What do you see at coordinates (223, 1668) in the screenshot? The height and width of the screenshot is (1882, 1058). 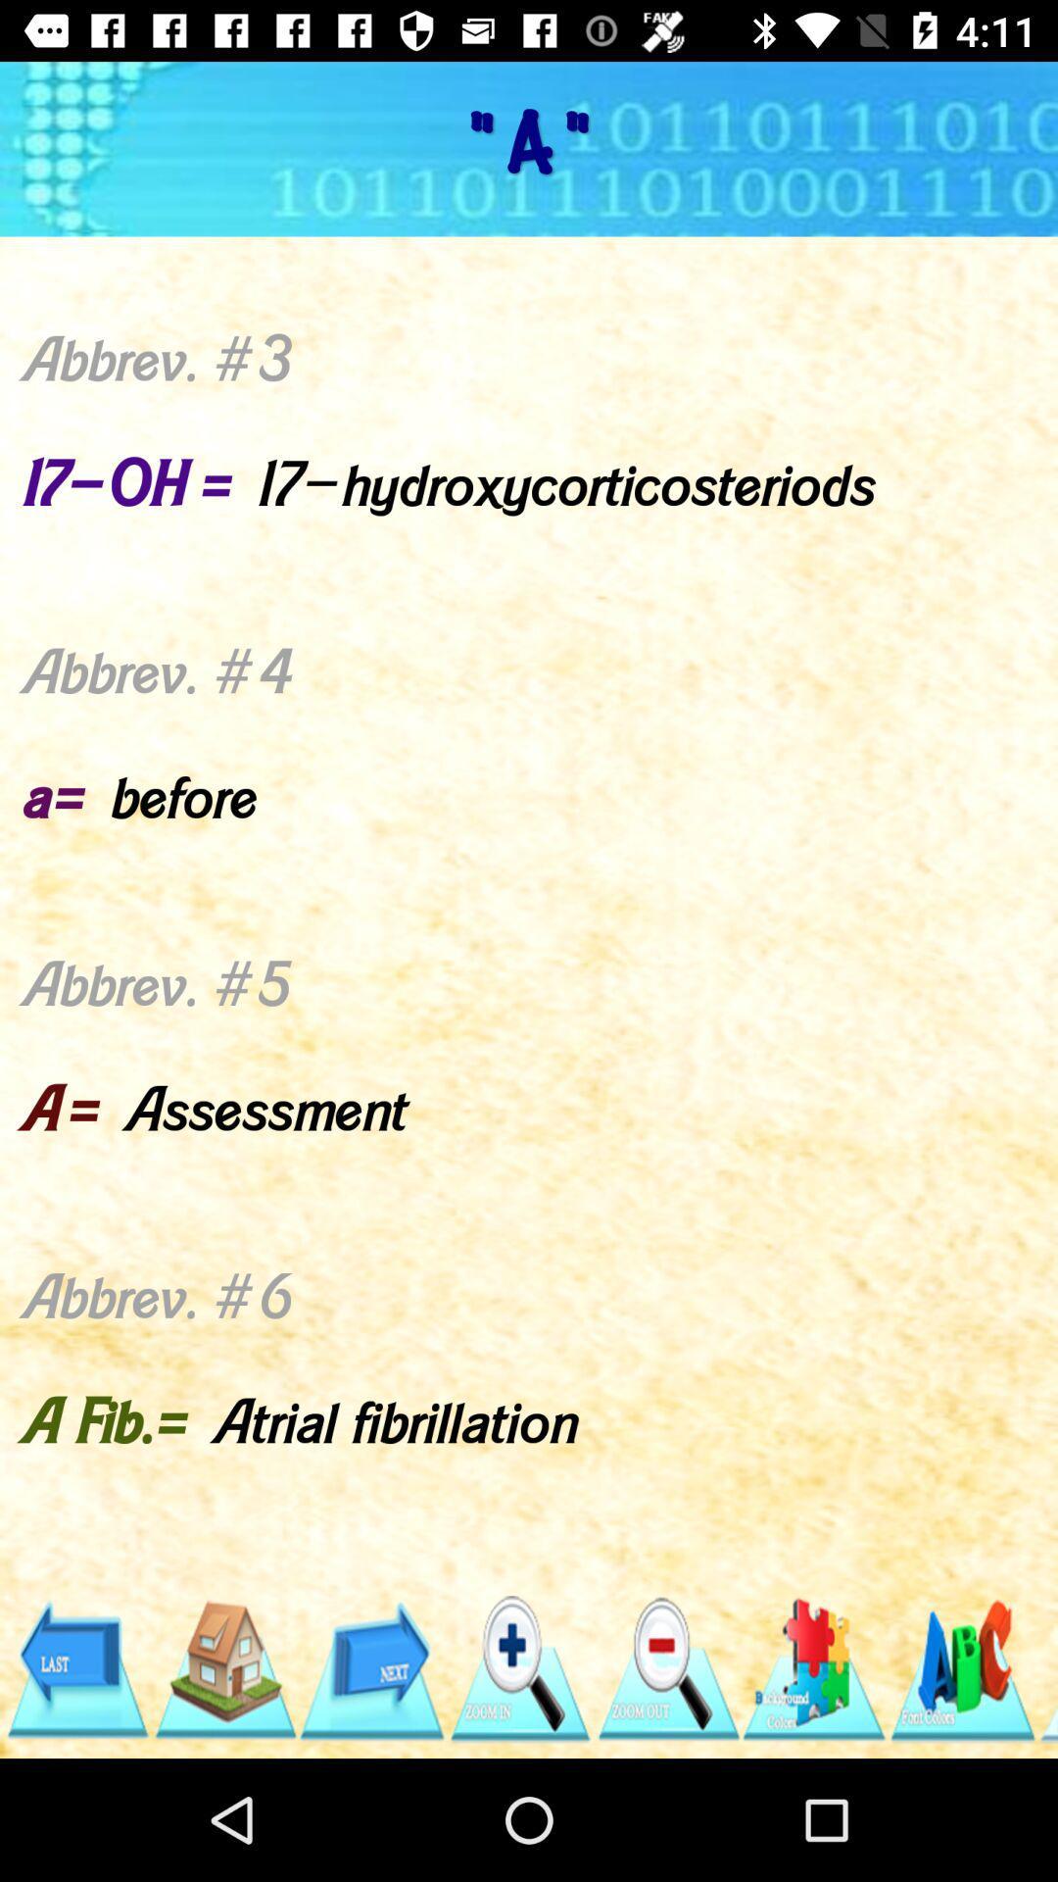 I see `home` at bounding box center [223, 1668].